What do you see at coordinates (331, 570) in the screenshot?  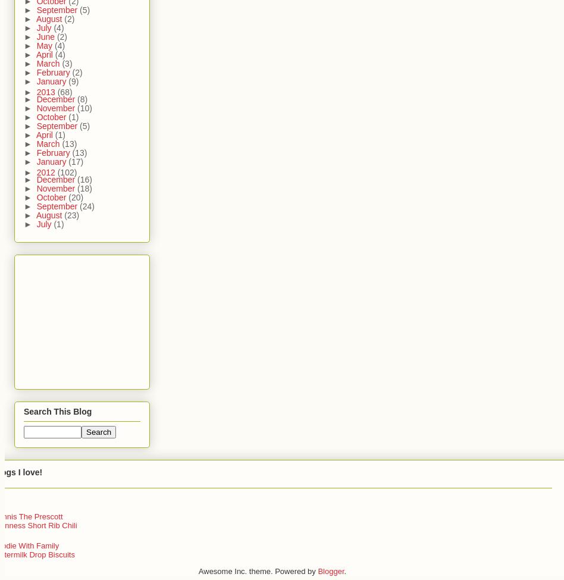 I see `'Blogger'` at bounding box center [331, 570].